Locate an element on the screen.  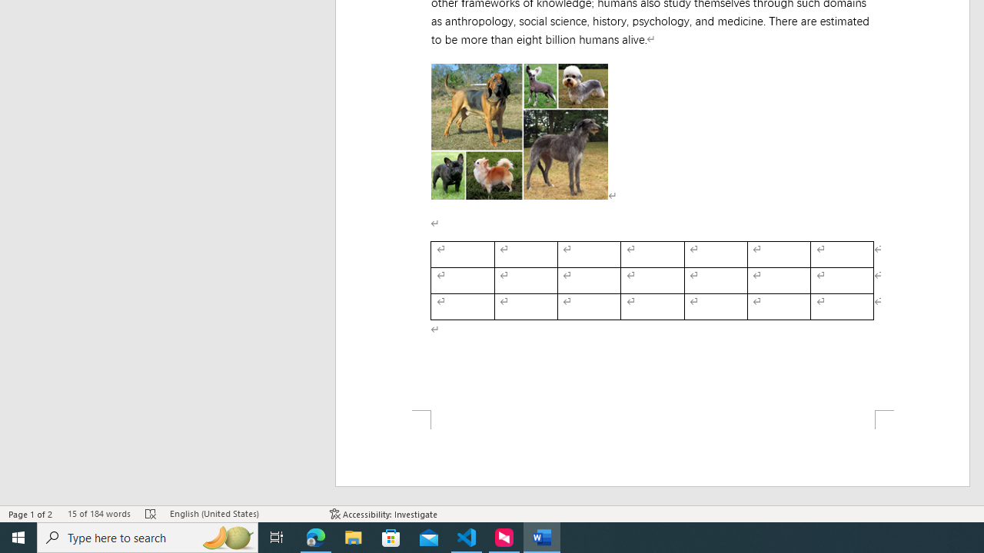
'Language English (United States)' is located at coordinates (241, 514).